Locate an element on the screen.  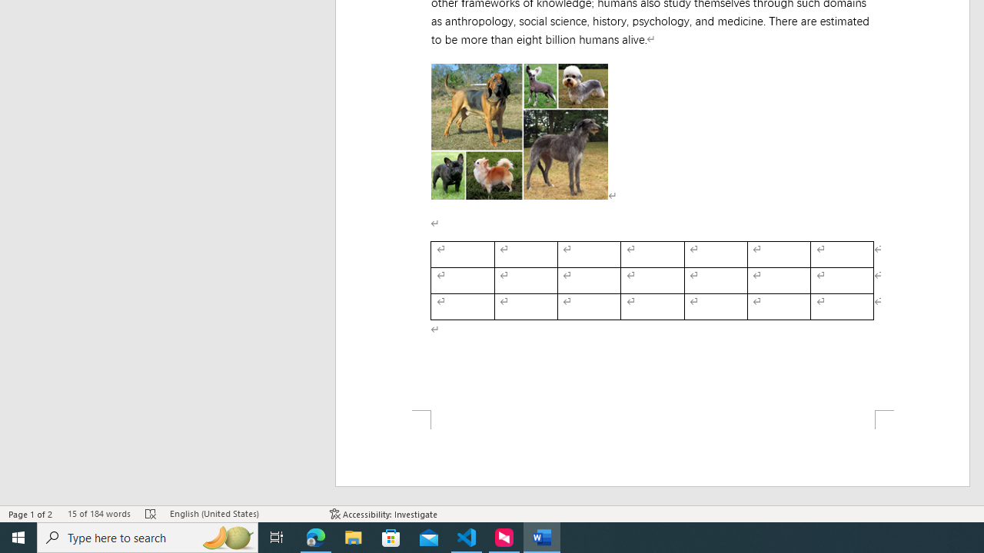
'Language English (United States)' is located at coordinates (241, 514).